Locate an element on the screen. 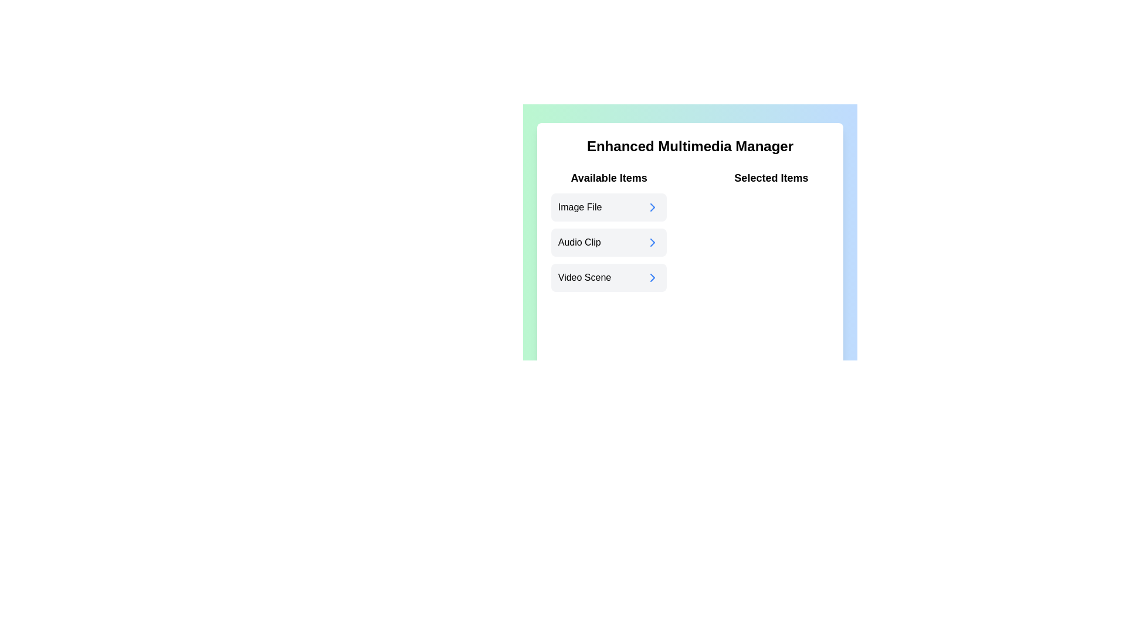 The height and width of the screenshot is (633, 1126). the header text labeled 'Selected Items' which is styled in bold and is located in the upper center-right section of the interface is located at coordinates (771, 178).